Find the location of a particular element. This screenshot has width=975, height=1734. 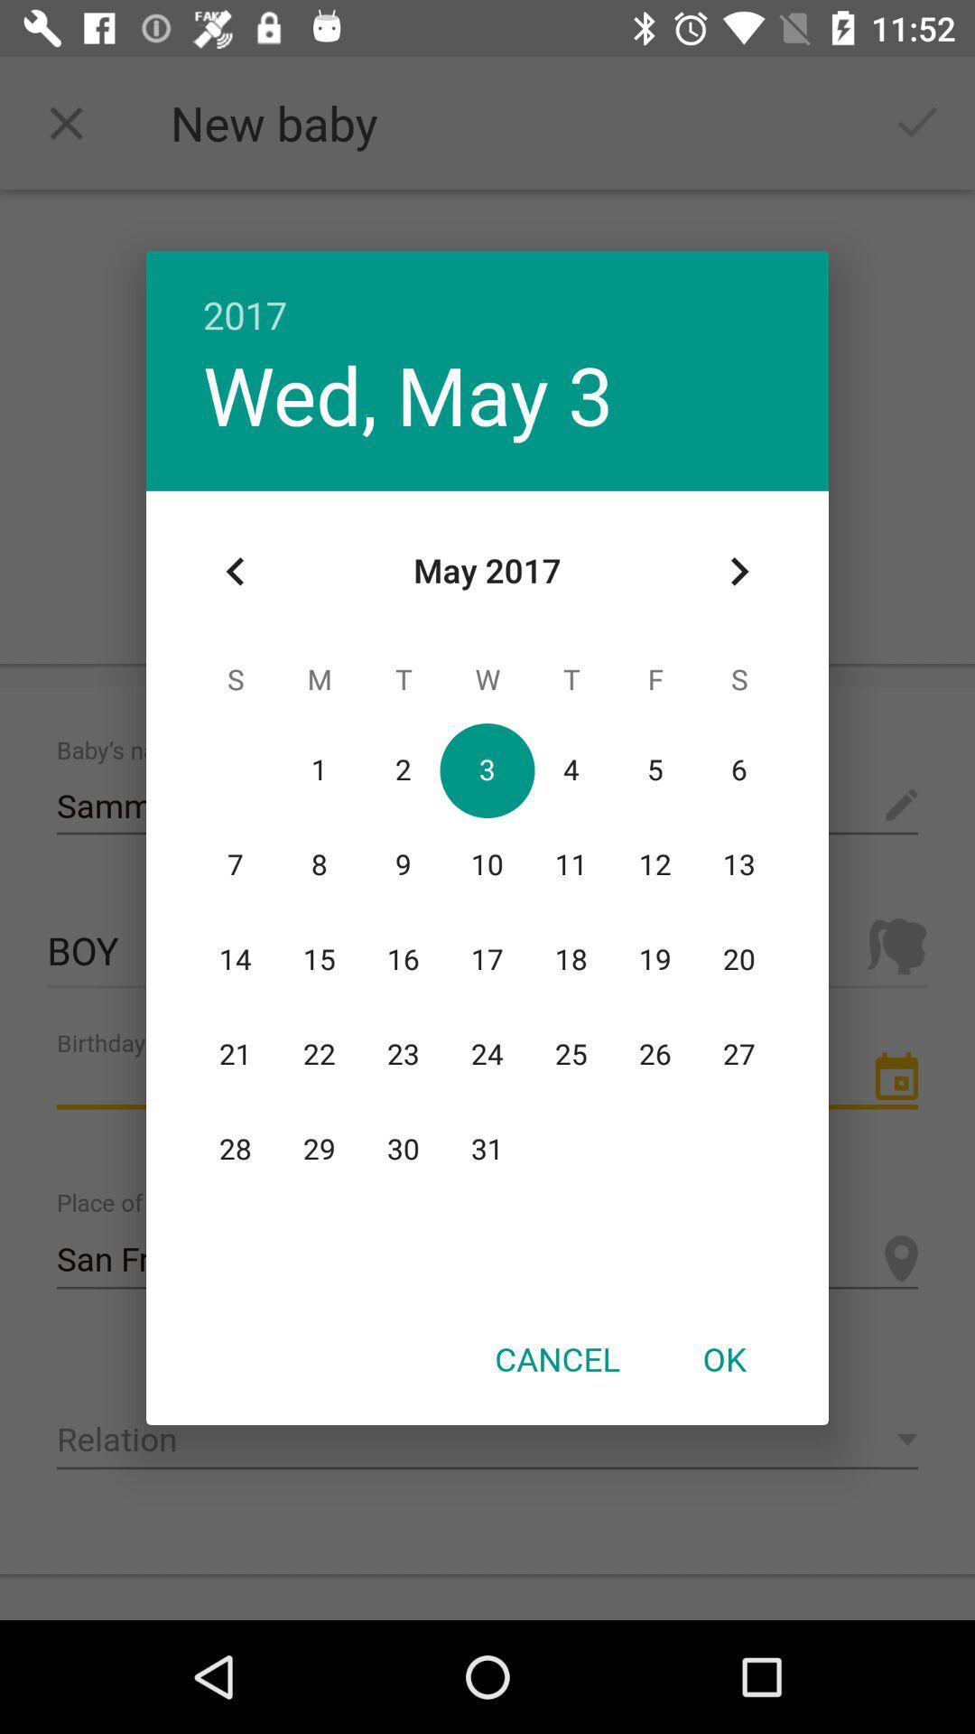

icon below the 2017 is located at coordinates (738, 571).